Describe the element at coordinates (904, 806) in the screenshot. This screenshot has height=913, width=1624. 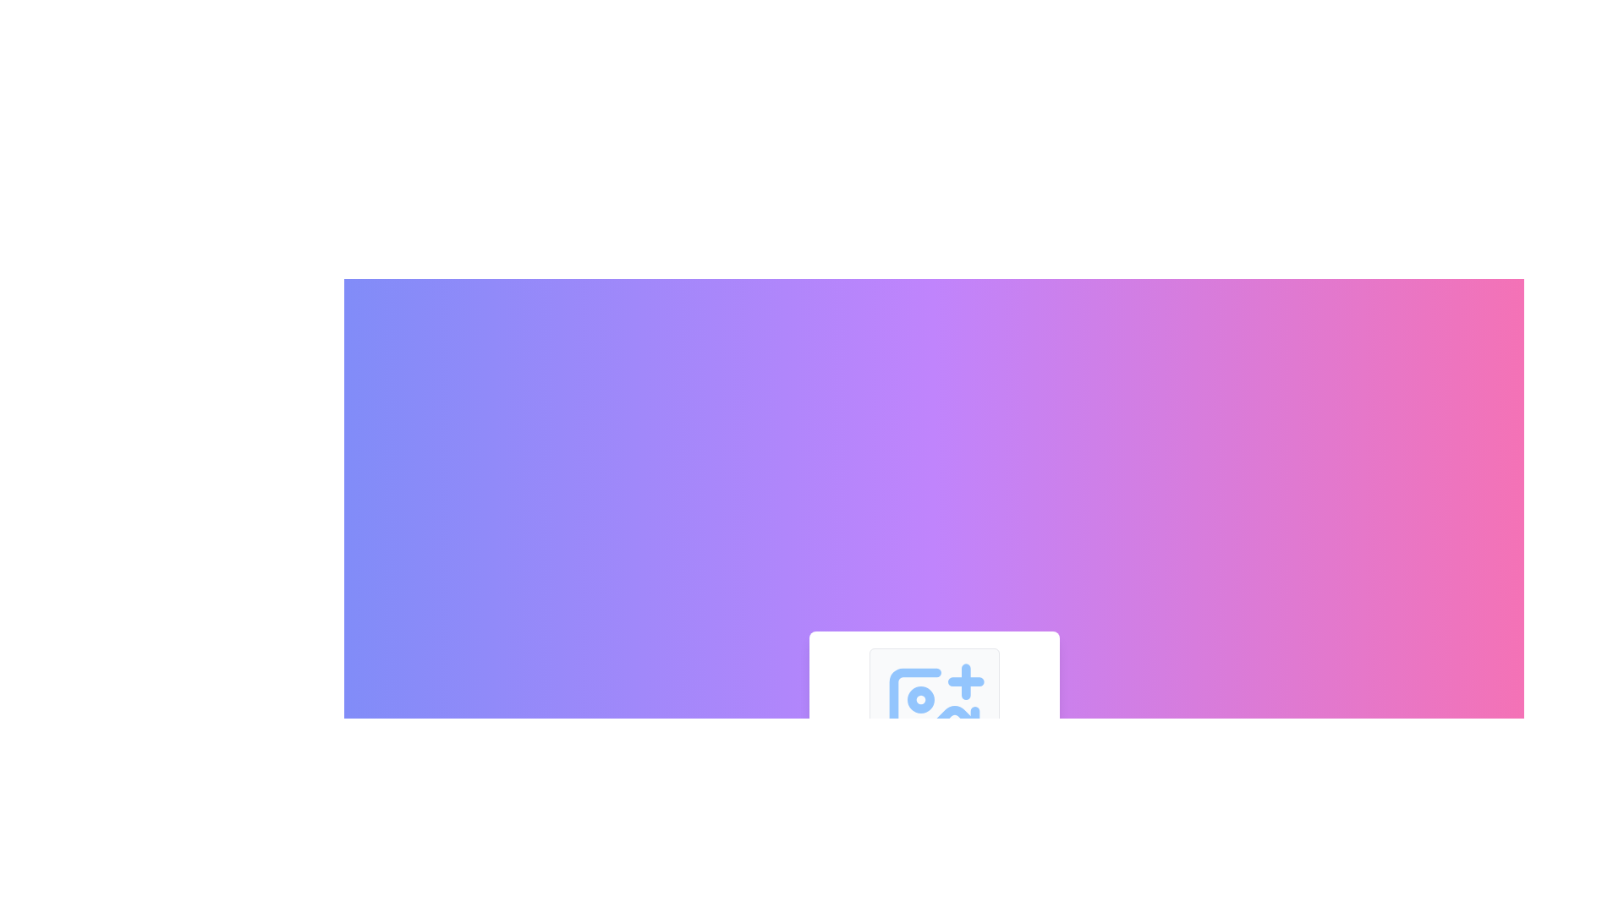
I see `the zoom out button, which is the second button from the left in a horizontal arrangement at the bottom center of the page` at that location.